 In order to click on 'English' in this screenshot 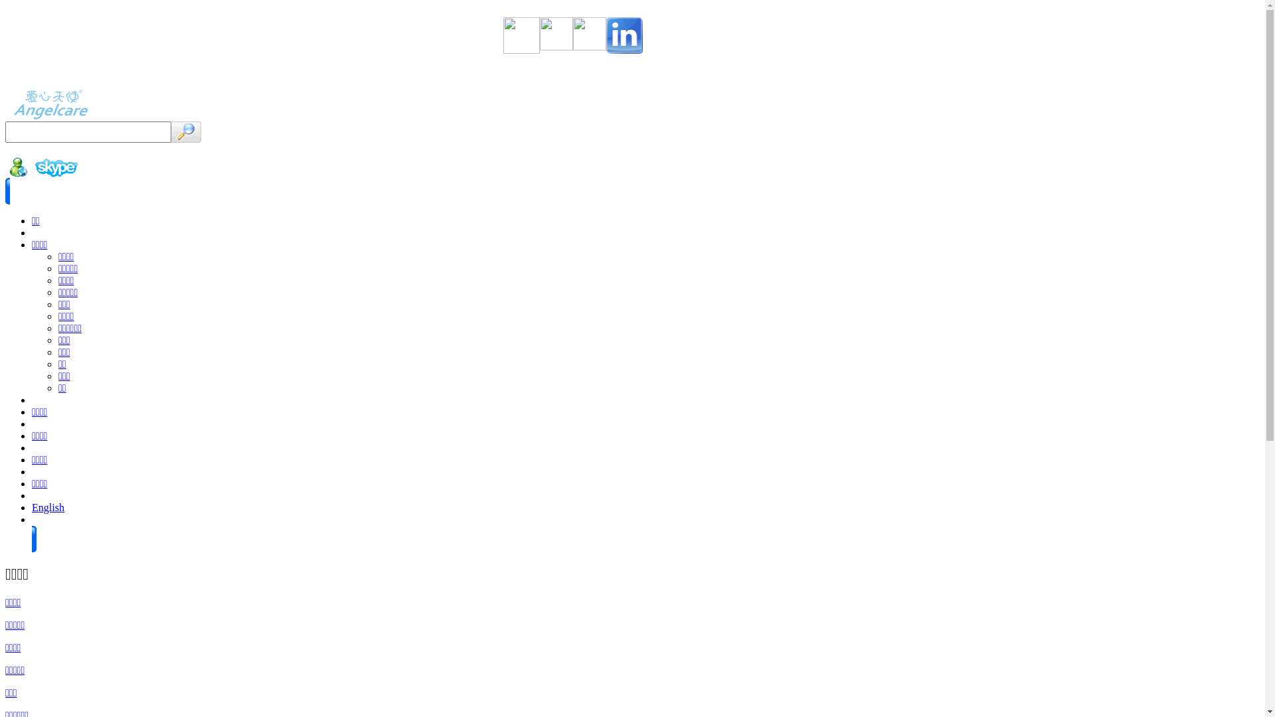, I will do `click(48, 507)`.